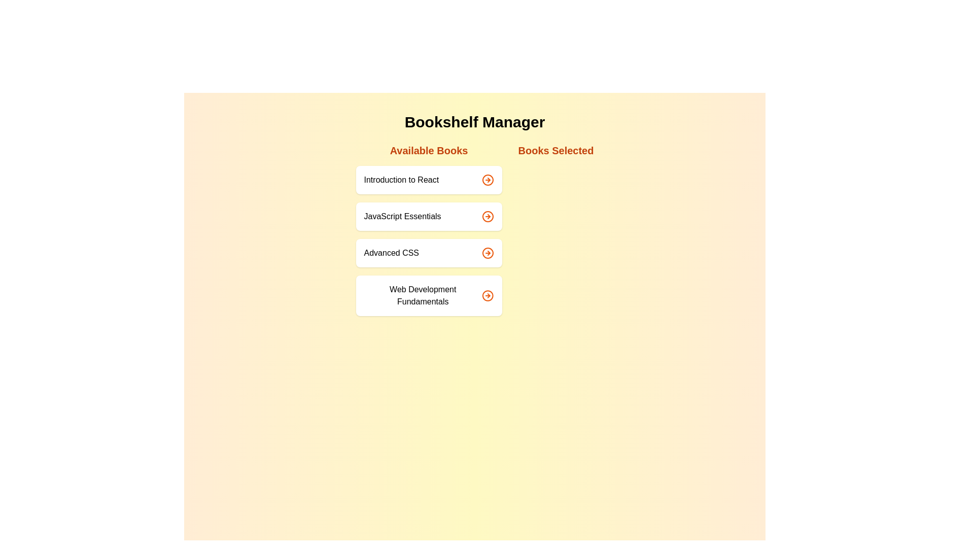 The width and height of the screenshot is (974, 548). Describe the element at coordinates (488, 252) in the screenshot. I see `orange arrow next to the book 'Advanced CSS' in the 'Available Books' list to move it to the 'Books Selected' list` at that location.